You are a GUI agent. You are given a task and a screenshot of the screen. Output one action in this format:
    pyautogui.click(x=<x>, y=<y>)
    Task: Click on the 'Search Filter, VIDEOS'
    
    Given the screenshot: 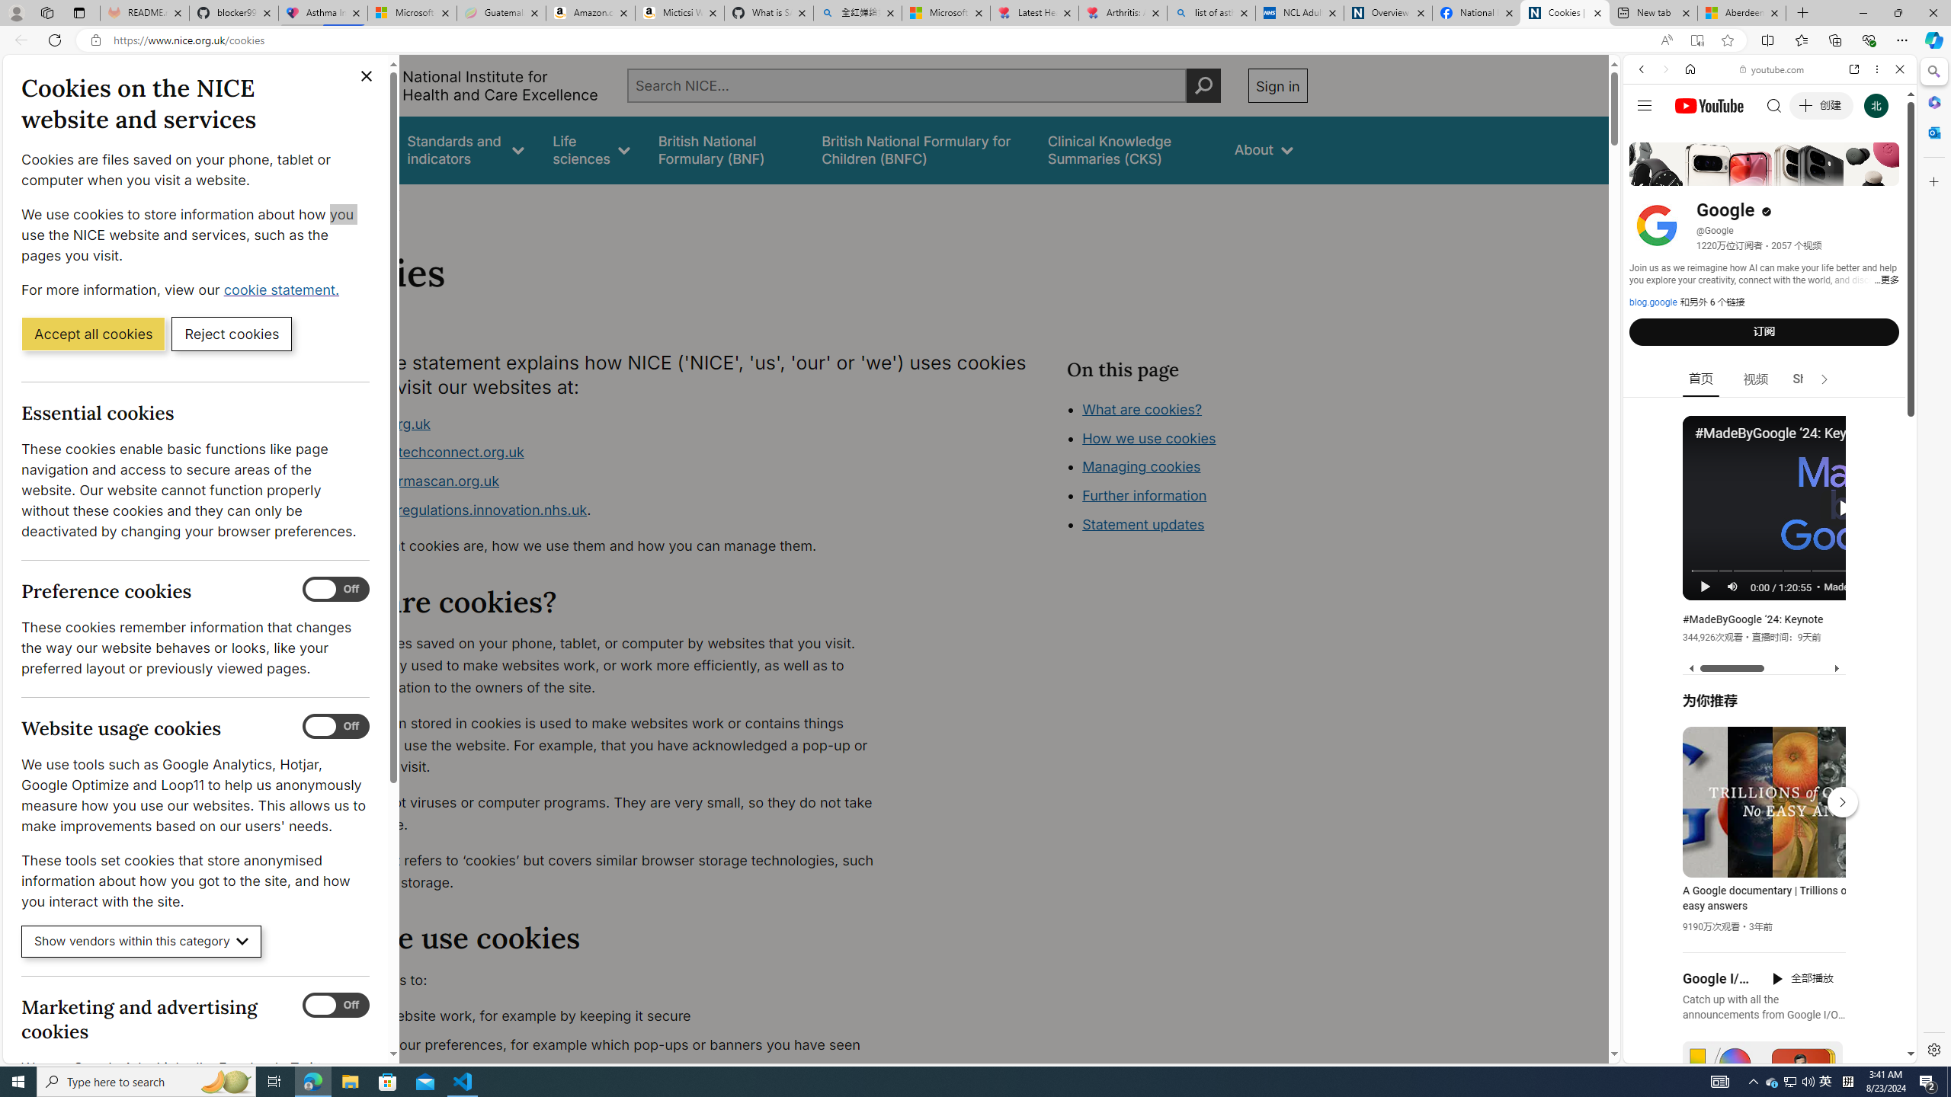 What is the action you would take?
    pyautogui.click(x=1742, y=173)
    